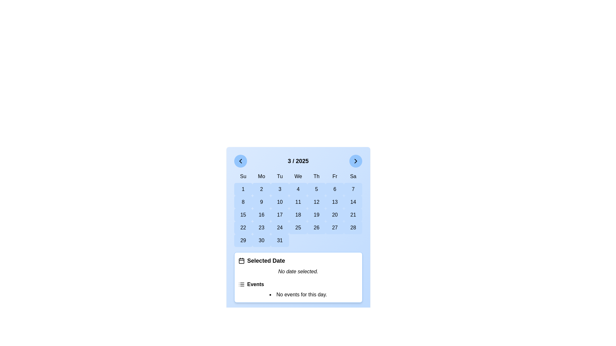  What do you see at coordinates (255, 284) in the screenshot?
I see `the 'Events' section label located in the bottom section of the calendar interface` at bounding box center [255, 284].